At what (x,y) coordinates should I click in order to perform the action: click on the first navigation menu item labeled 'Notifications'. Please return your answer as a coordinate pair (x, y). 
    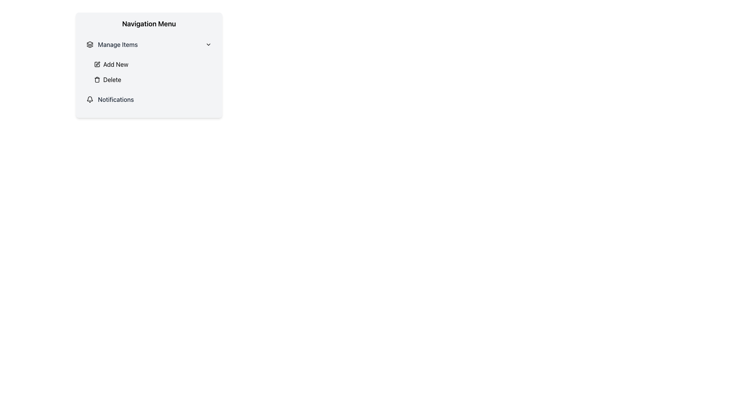
    Looking at the image, I should click on (110, 99).